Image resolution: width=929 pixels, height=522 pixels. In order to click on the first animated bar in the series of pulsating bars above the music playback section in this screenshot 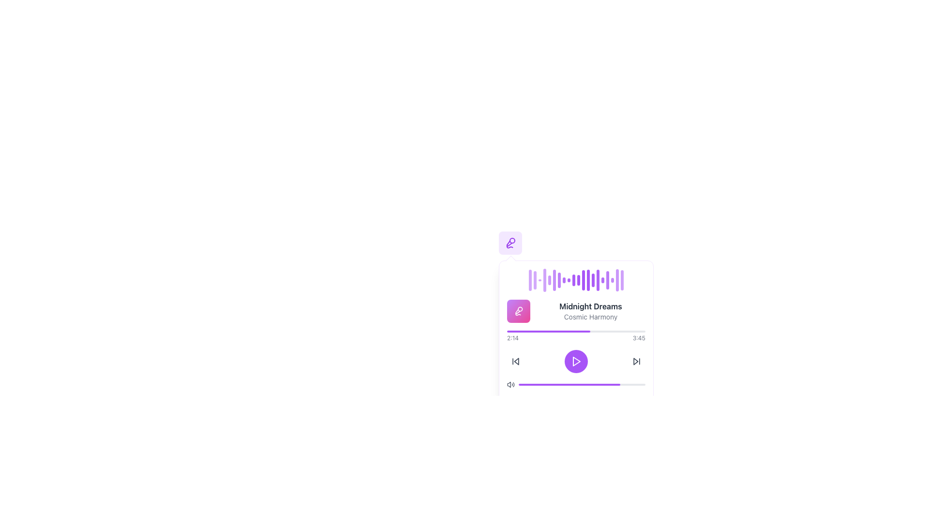, I will do `click(529, 280)`.